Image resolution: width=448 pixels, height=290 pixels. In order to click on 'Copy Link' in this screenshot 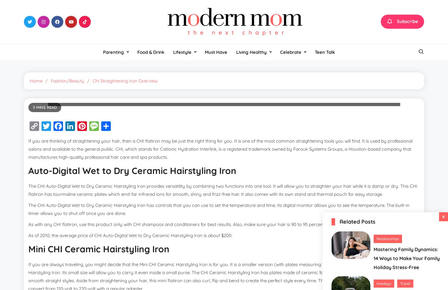, I will do `click(50, 130)`.